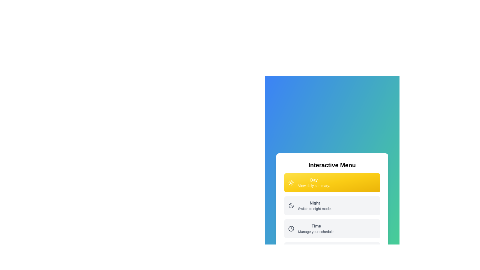 This screenshot has height=270, width=480. What do you see at coordinates (332, 205) in the screenshot?
I see `the menu option Night to activate it` at bounding box center [332, 205].